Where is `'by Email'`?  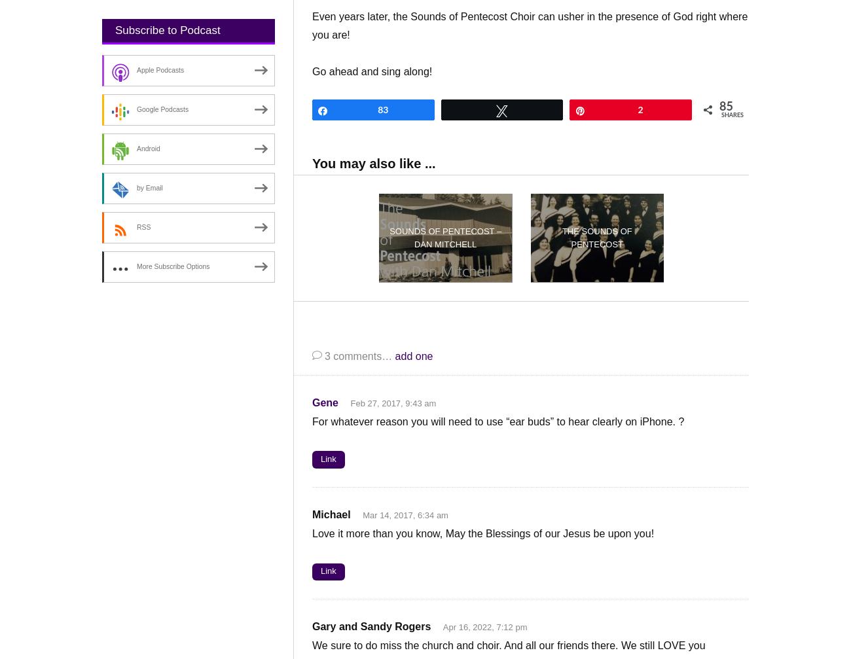 'by Email' is located at coordinates (149, 188).